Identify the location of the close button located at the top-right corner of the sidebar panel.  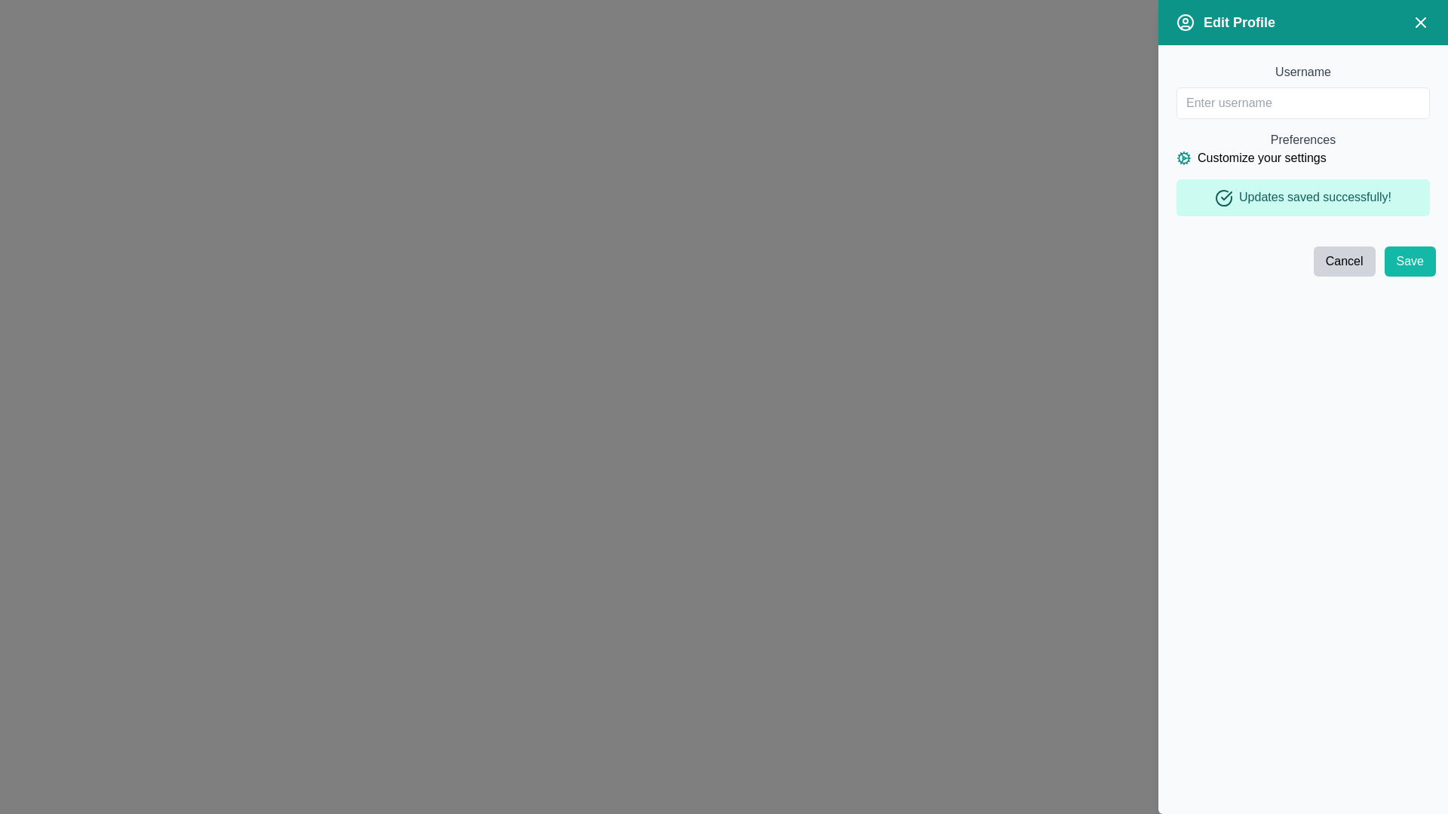
(1419, 23).